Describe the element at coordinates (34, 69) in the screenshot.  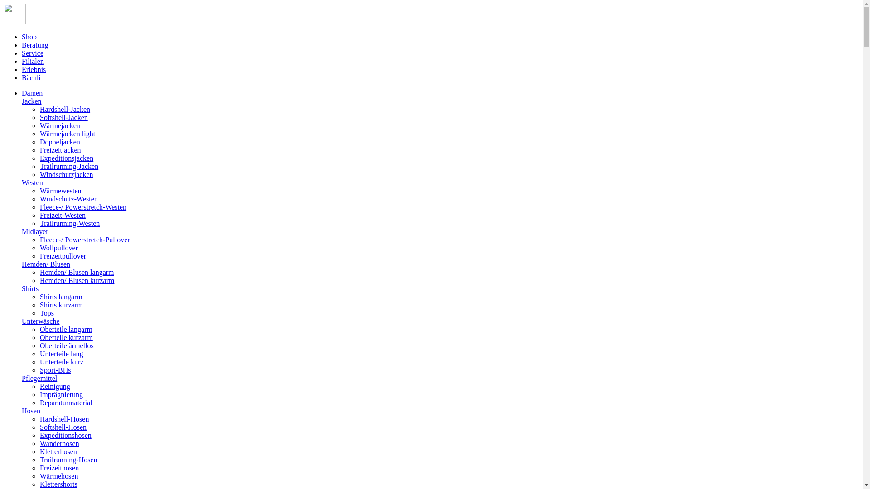
I see `'Erlebnis'` at that location.